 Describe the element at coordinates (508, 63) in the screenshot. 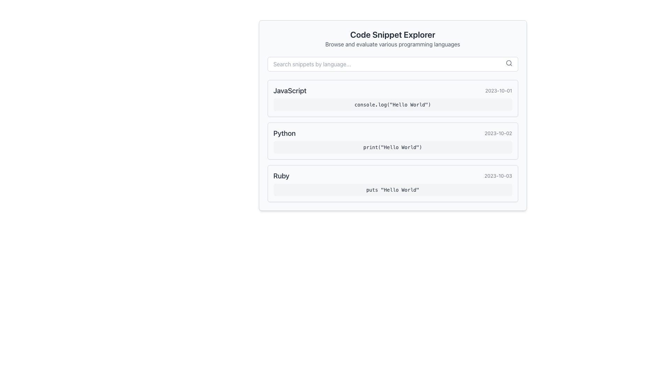

I see `the circular part of the SVG graphic that forms the search magnifying glass, which is located at the top-right corner of the application interface, adjacent to the search input field` at that location.